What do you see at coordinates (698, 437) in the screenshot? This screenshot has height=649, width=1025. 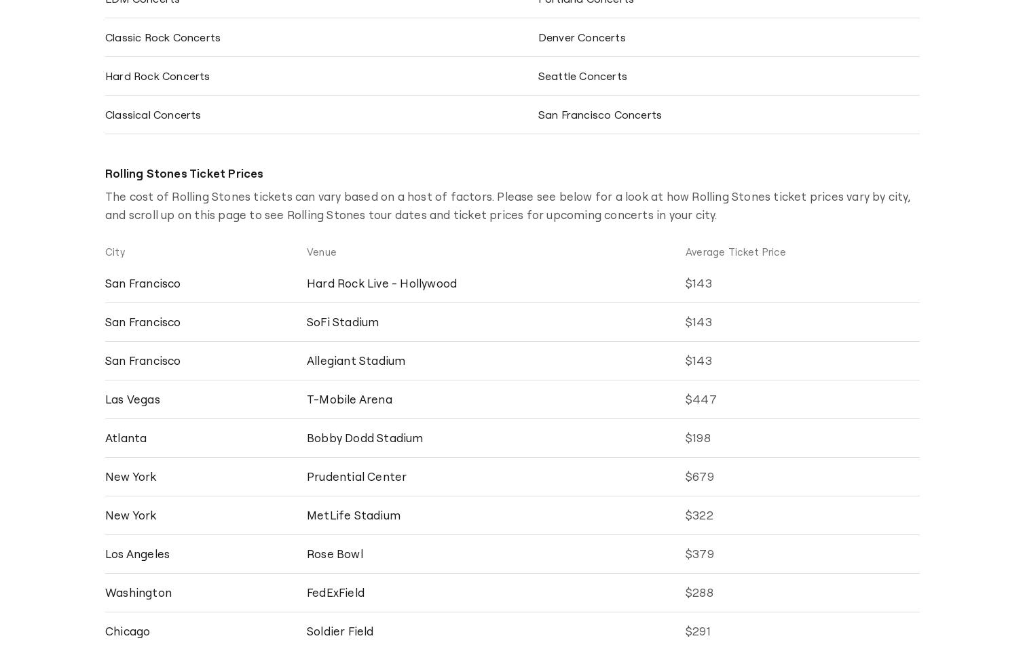 I see `'$198'` at bounding box center [698, 437].